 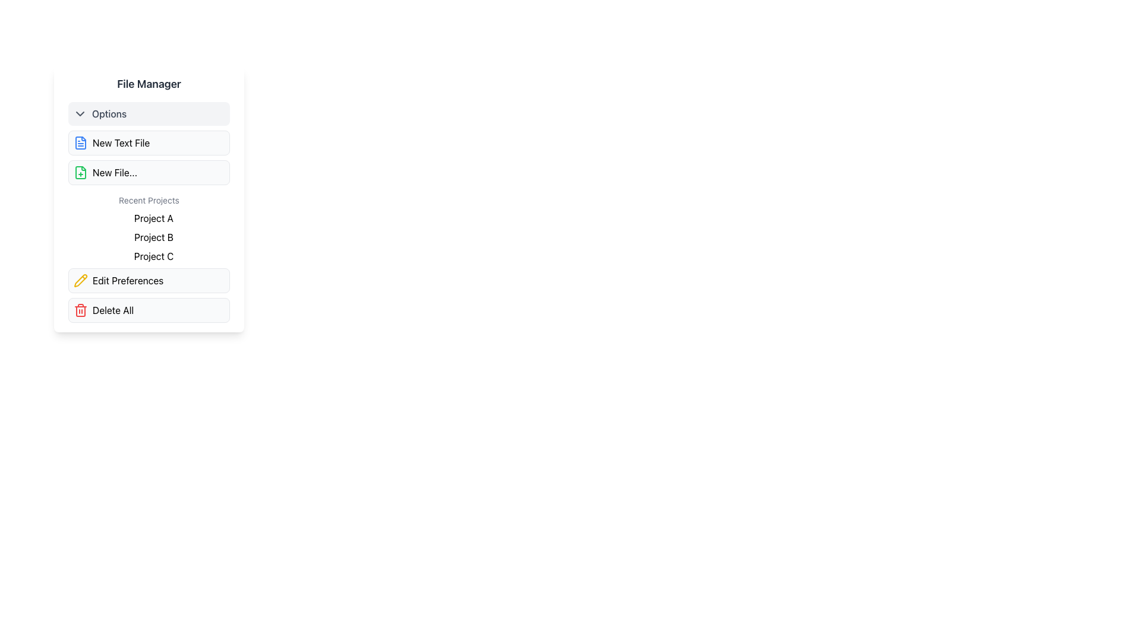 What do you see at coordinates (148, 84) in the screenshot?
I see `the Text label that serves as the title or heading of the section, located at the top of a rectangular card interface` at bounding box center [148, 84].